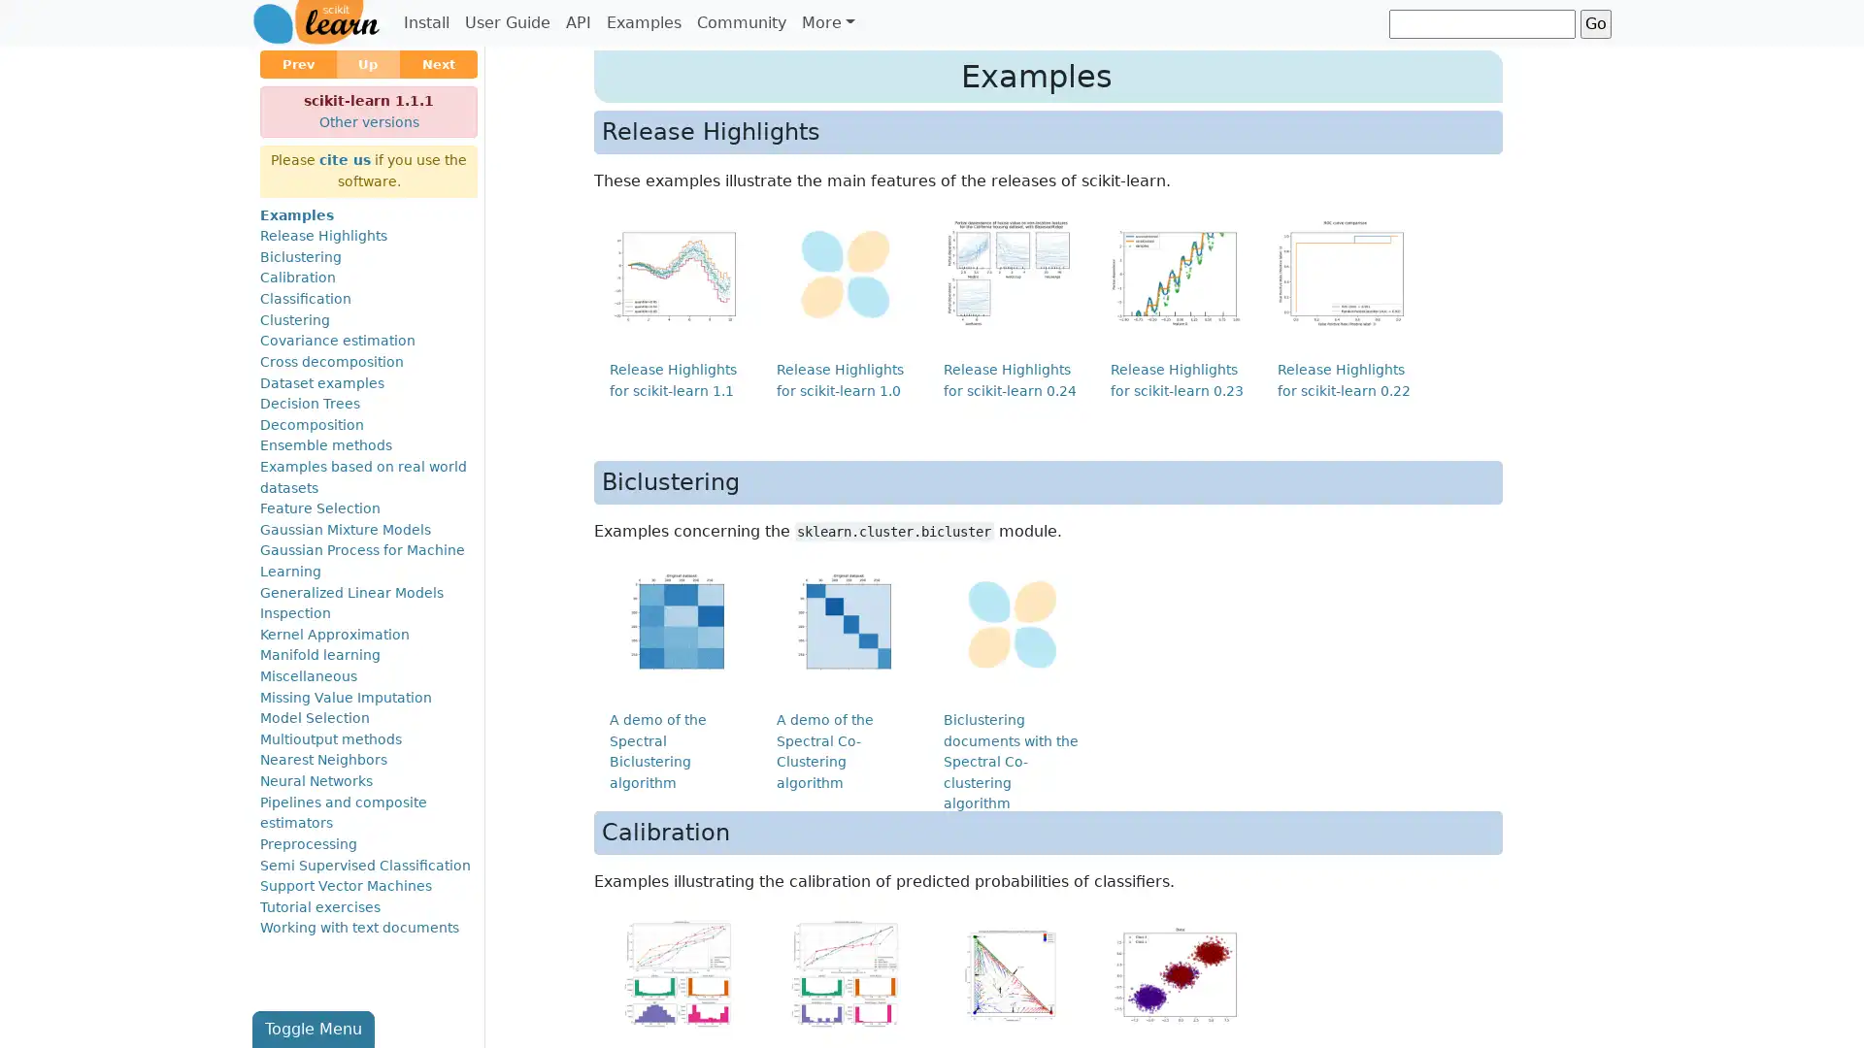 The image size is (1864, 1048). Describe the element at coordinates (297, 63) in the screenshot. I see `Prev` at that location.